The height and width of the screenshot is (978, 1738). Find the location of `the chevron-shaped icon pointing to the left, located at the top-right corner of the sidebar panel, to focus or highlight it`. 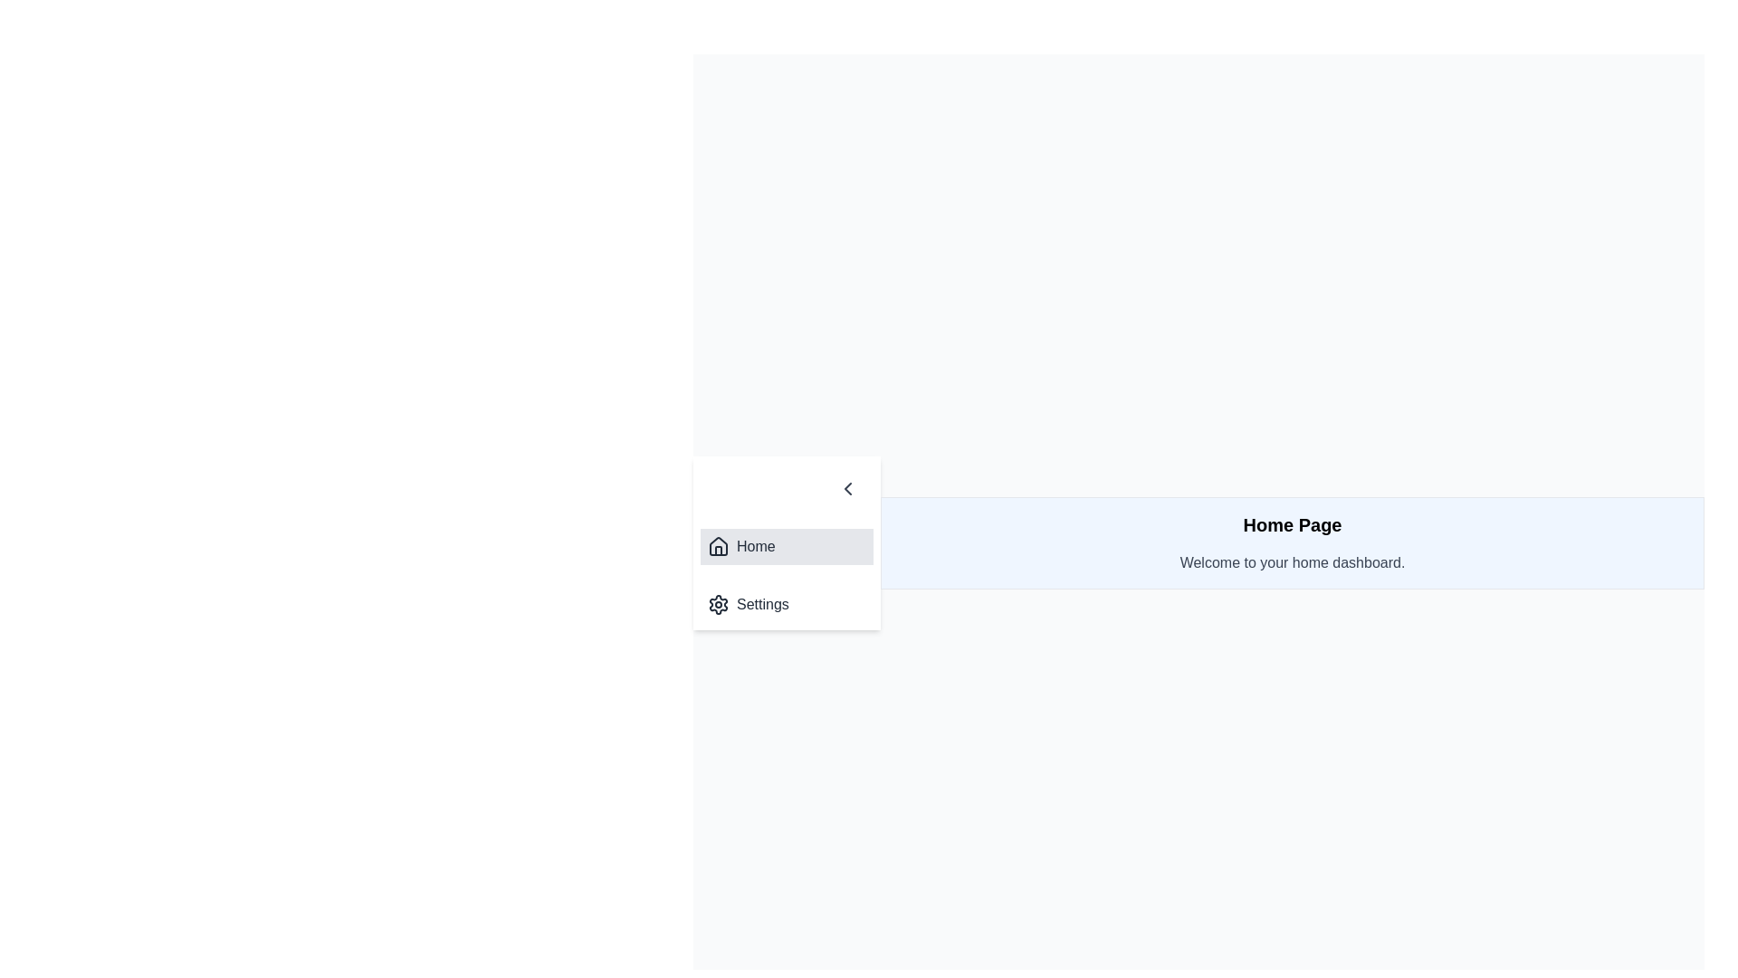

the chevron-shaped icon pointing to the left, located at the top-right corner of the sidebar panel, to focus or highlight it is located at coordinates (847, 489).